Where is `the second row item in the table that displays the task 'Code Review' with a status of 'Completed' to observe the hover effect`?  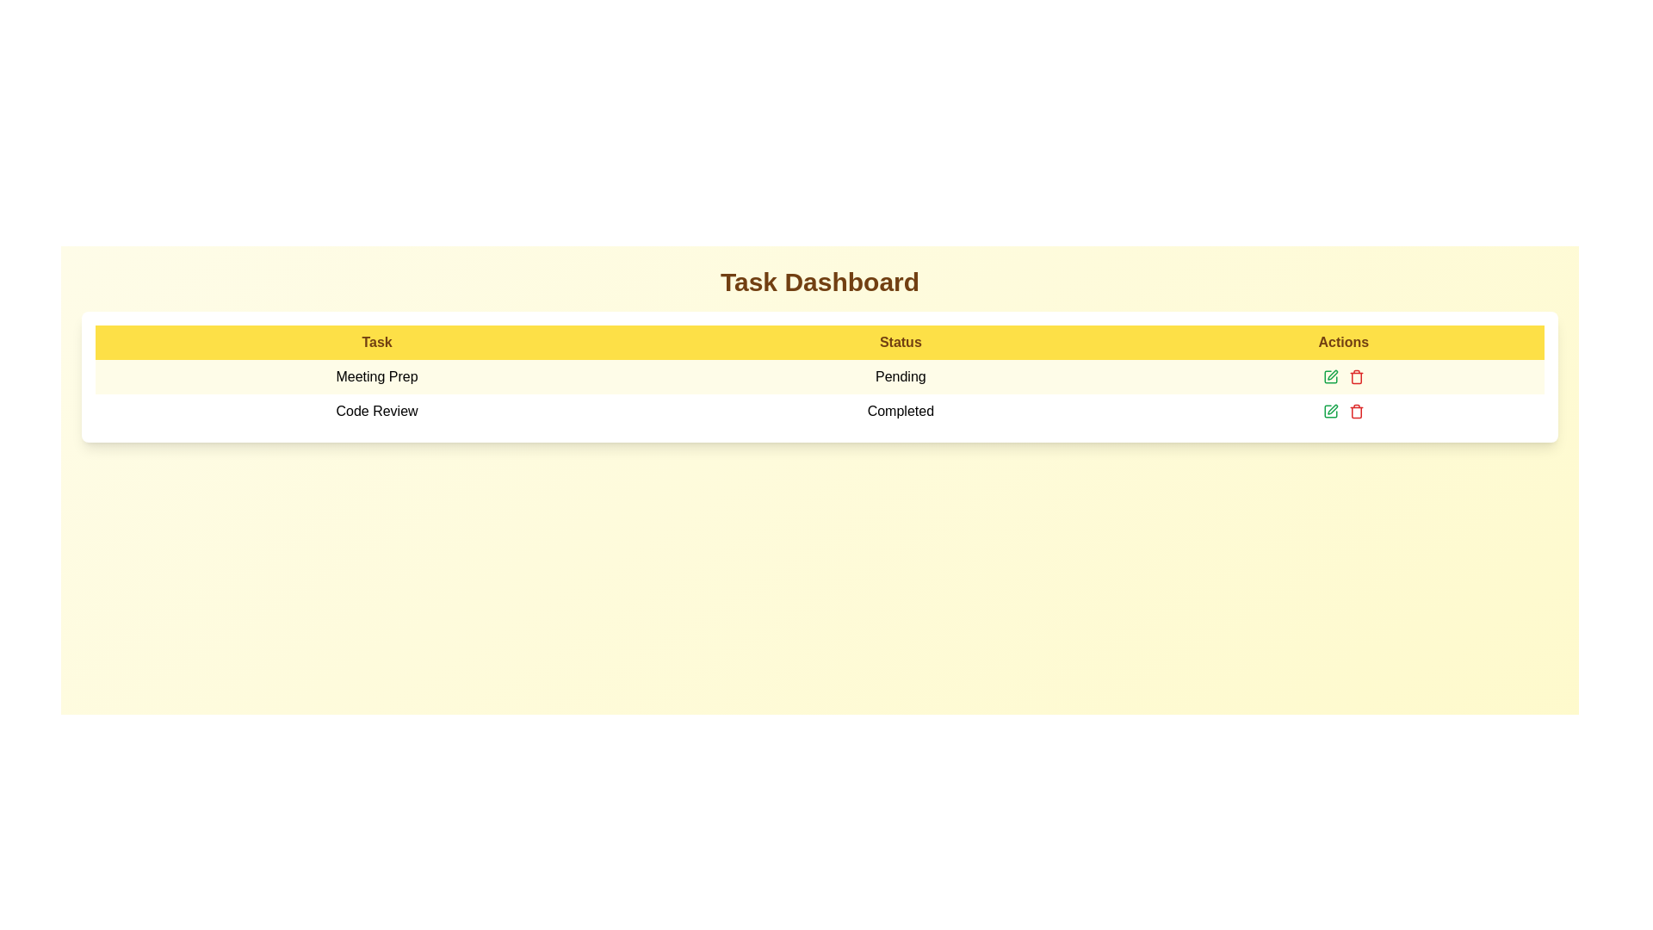 the second row item in the table that displays the task 'Code Review' with a status of 'Completed' to observe the hover effect is located at coordinates (819, 412).